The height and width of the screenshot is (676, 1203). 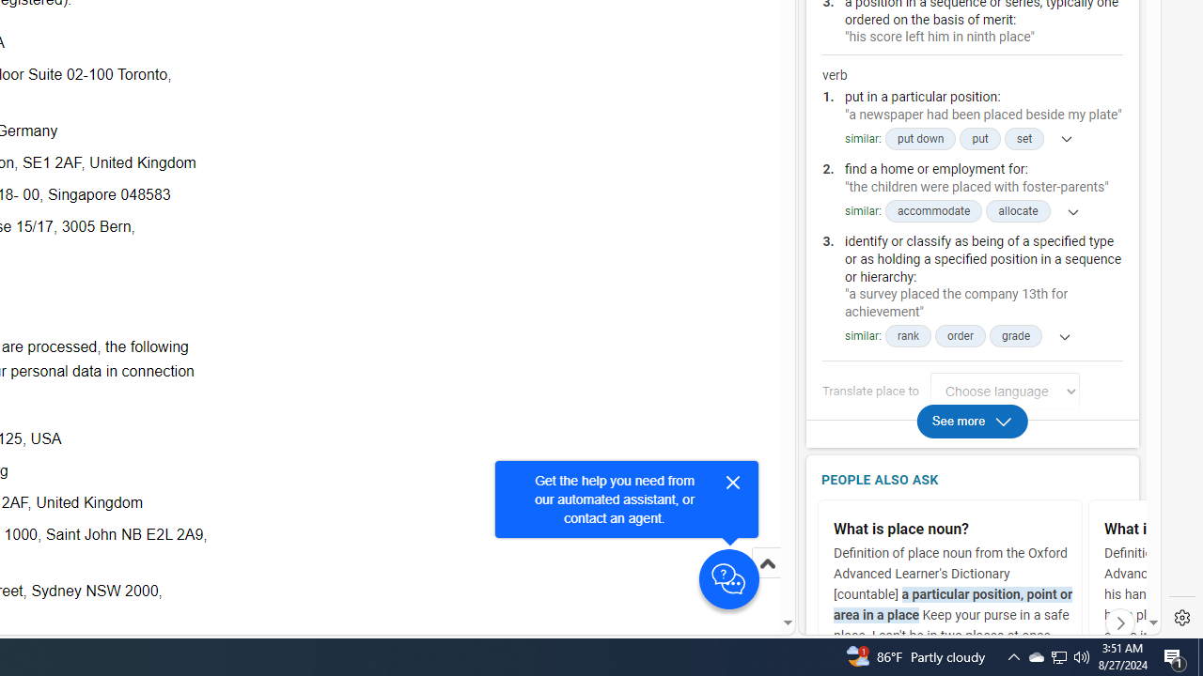 I want to click on 'put', so click(x=979, y=138).